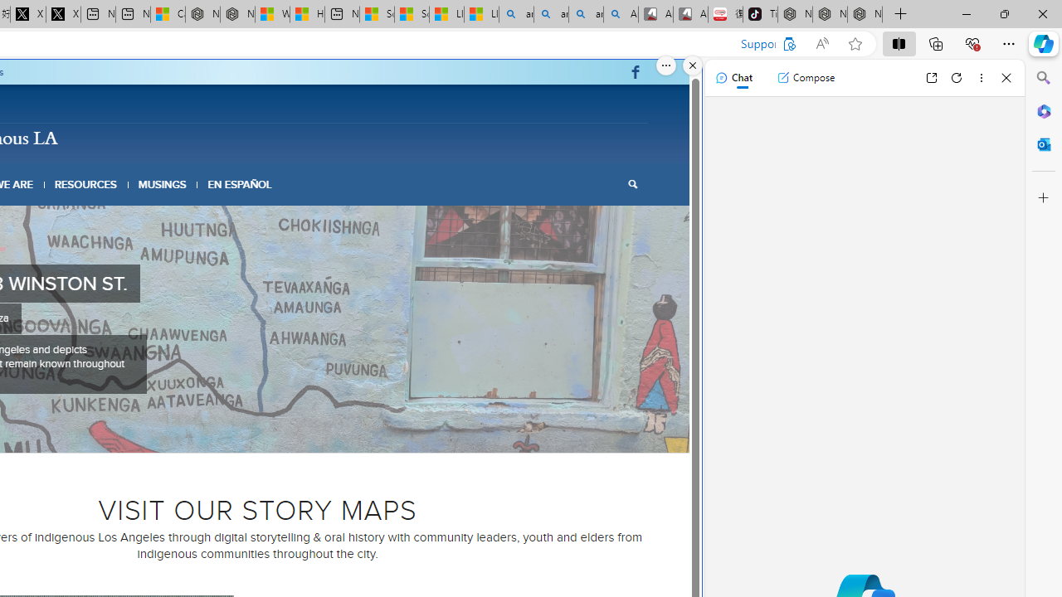 The width and height of the screenshot is (1062, 597). Describe the element at coordinates (759, 14) in the screenshot. I see `'TikTok'` at that location.